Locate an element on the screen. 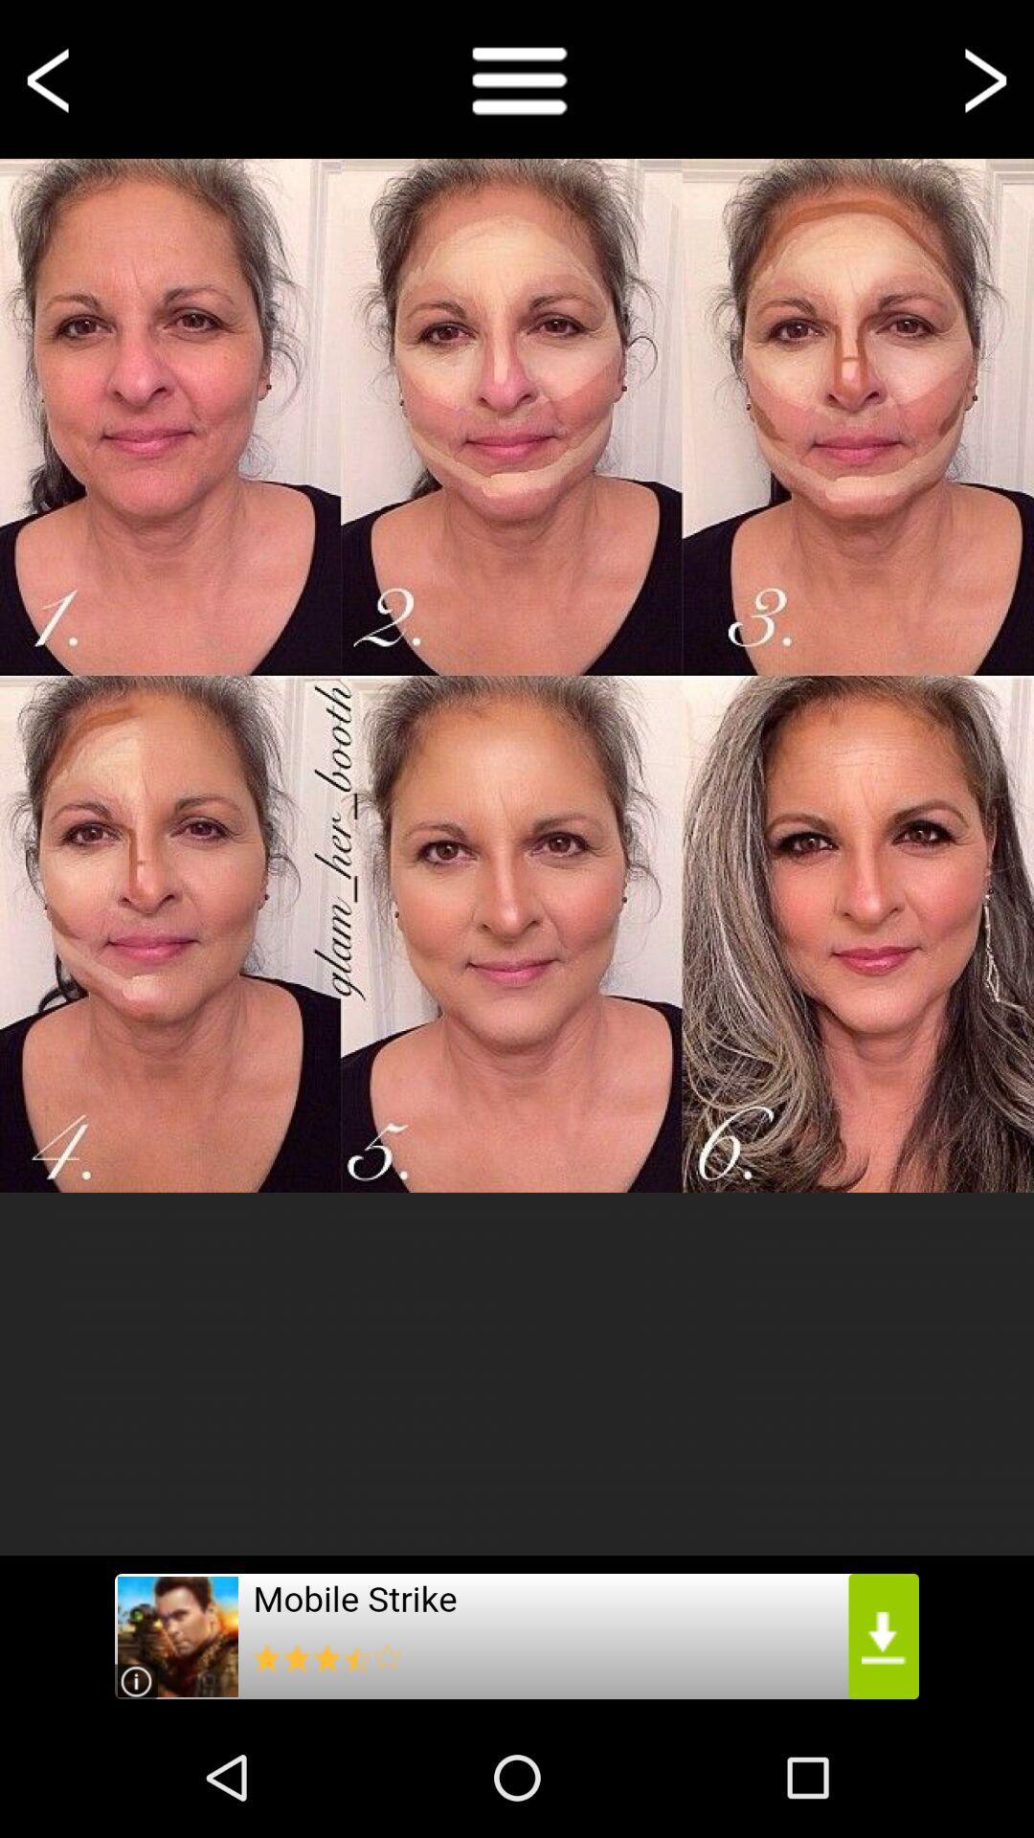 This screenshot has height=1838, width=1034. previous page is located at coordinates (51, 78).